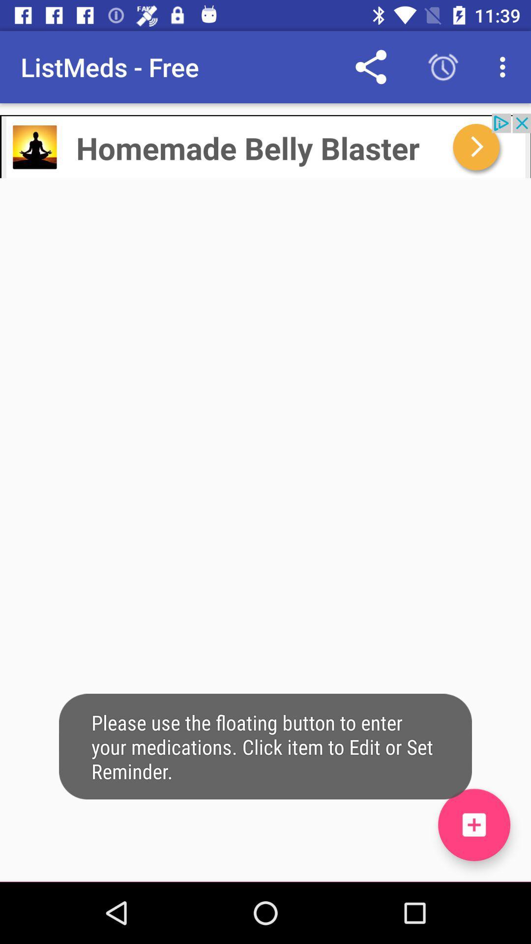 This screenshot has height=944, width=531. What do you see at coordinates (473, 825) in the screenshot?
I see `click on the button to enter your medications` at bounding box center [473, 825].